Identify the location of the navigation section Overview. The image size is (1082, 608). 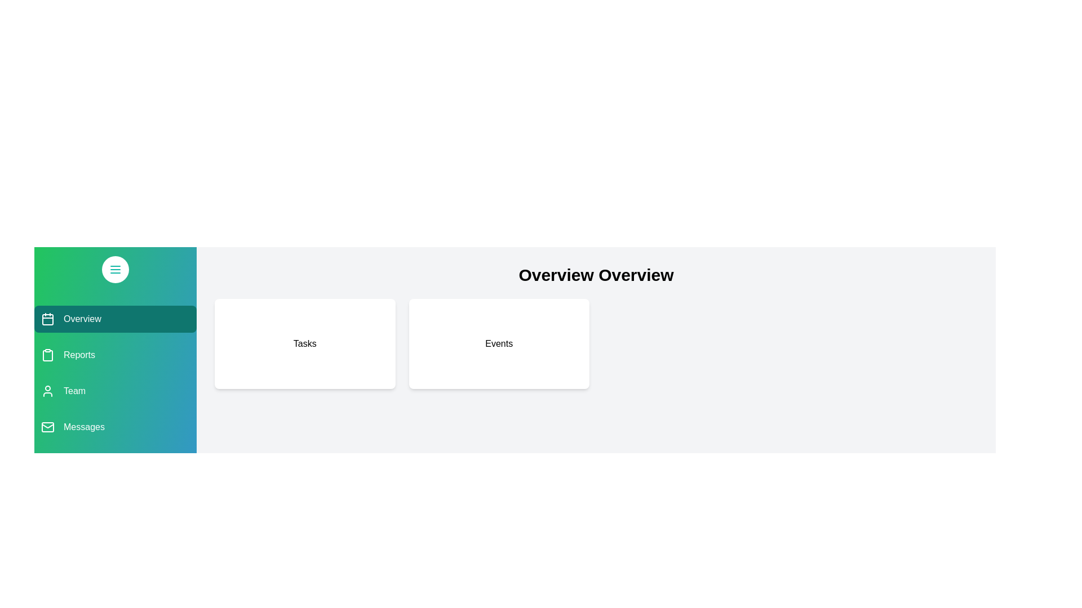
(116, 319).